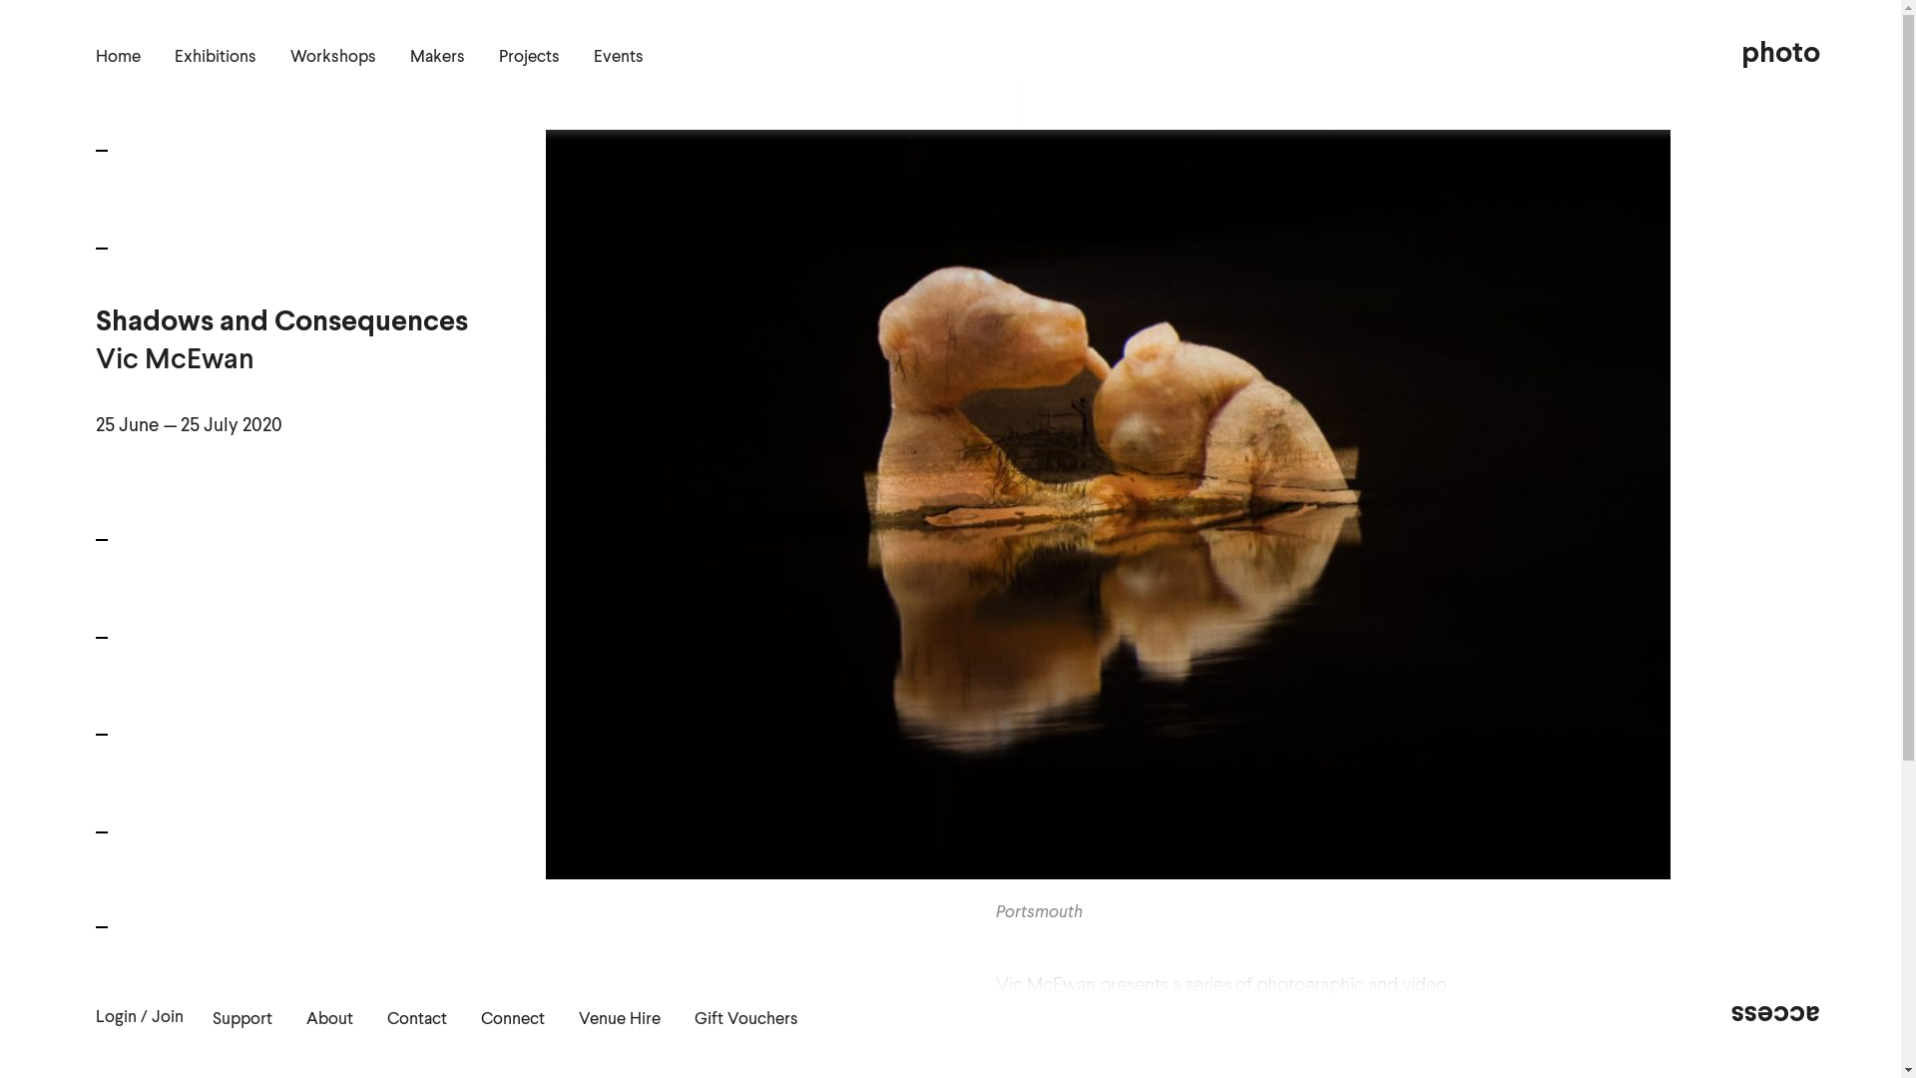 This screenshot has height=1078, width=1916. Describe the element at coordinates (138, 1017) in the screenshot. I see `'Login / Join'` at that location.